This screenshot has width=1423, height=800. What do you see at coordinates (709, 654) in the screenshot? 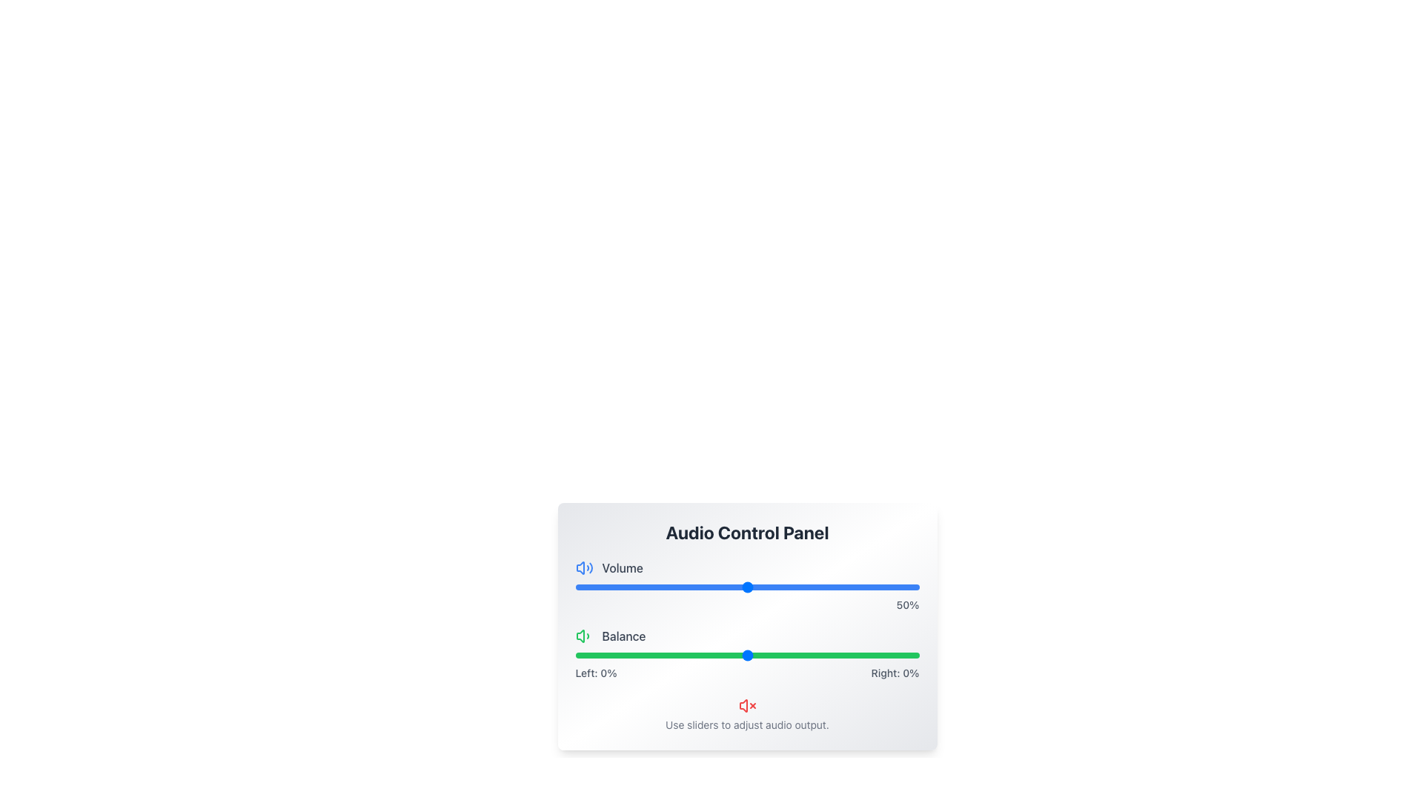
I see `balance` at bounding box center [709, 654].